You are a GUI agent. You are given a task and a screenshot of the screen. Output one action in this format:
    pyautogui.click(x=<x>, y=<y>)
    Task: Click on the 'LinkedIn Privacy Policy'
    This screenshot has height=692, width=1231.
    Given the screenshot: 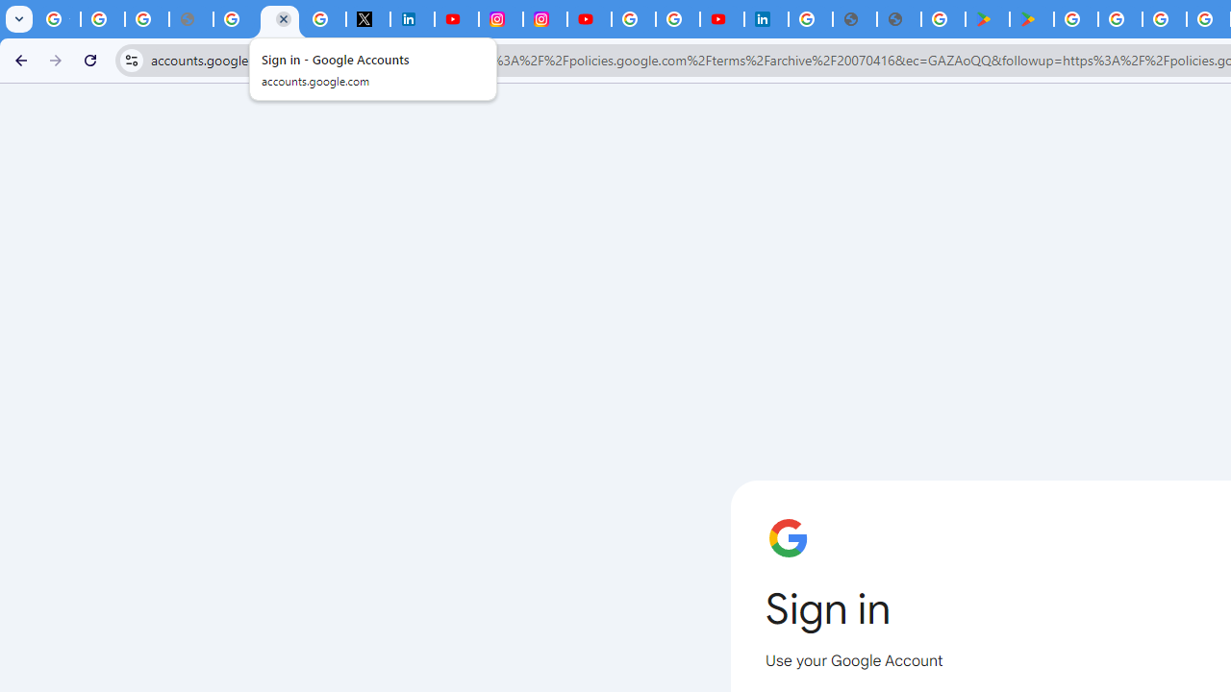 What is the action you would take?
    pyautogui.click(x=411, y=19)
    